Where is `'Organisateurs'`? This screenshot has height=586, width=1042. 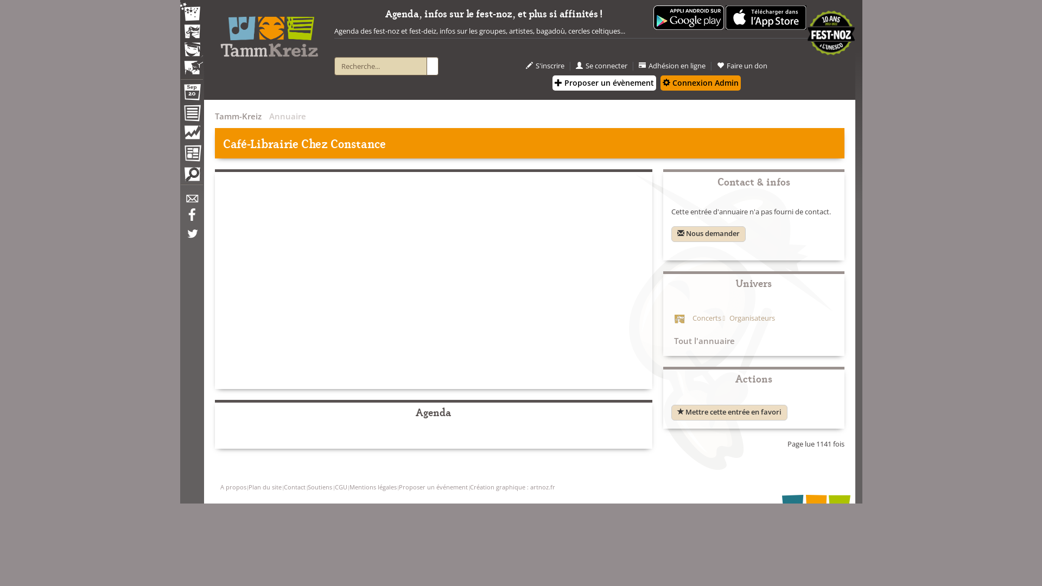
'Organisateurs' is located at coordinates (748, 317).